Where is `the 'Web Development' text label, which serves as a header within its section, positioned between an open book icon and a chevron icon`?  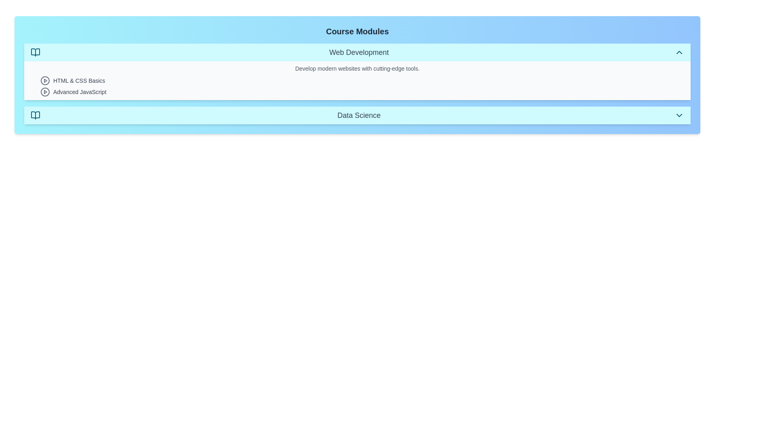
the 'Web Development' text label, which serves as a header within its section, positioned between an open book icon and a chevron icon is located at coordinates (358, 52).